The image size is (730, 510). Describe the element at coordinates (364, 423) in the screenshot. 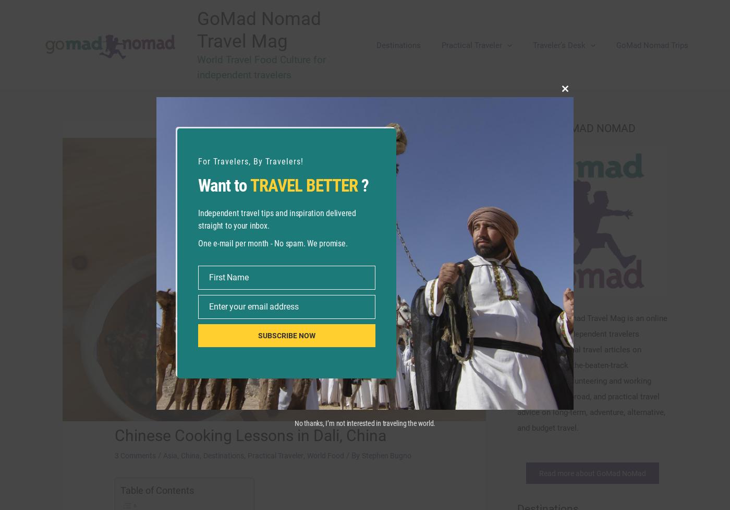

I see `'No thanks, I’m not interested in traveling the world.'` at that location.